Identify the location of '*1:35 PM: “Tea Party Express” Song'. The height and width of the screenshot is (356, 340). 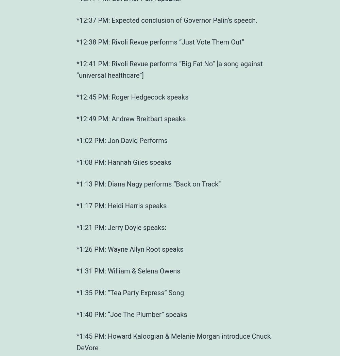
(130, 292).